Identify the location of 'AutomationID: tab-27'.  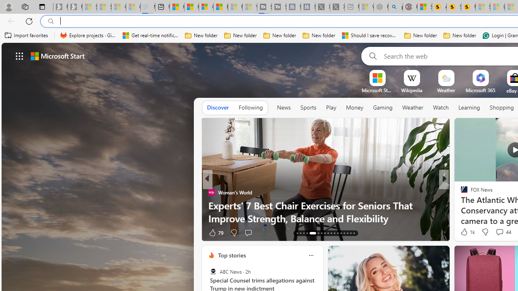
(347, 233).